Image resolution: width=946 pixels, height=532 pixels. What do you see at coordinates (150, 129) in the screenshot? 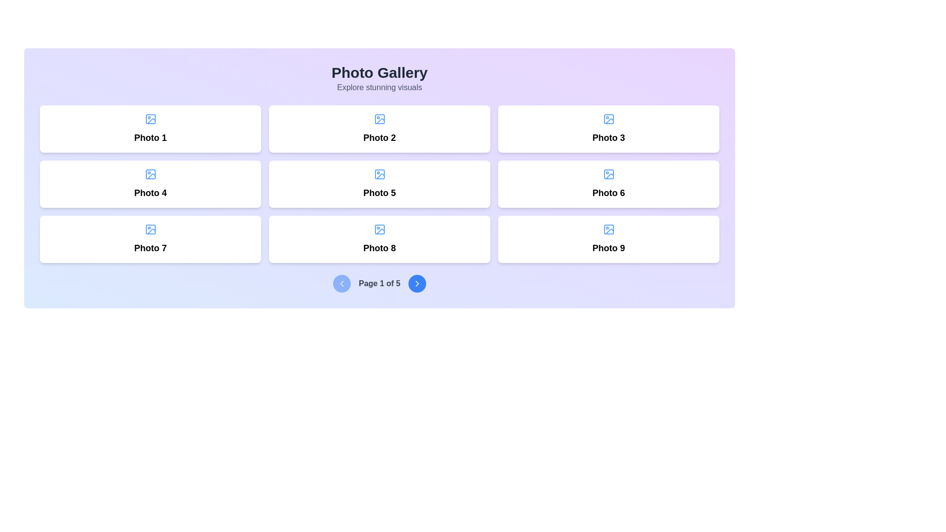
I see `to select the first interactive card in the top-left position of the 'Photo Gallery' layout associated with 'Photo 1'` at bounding box center [150, 129].